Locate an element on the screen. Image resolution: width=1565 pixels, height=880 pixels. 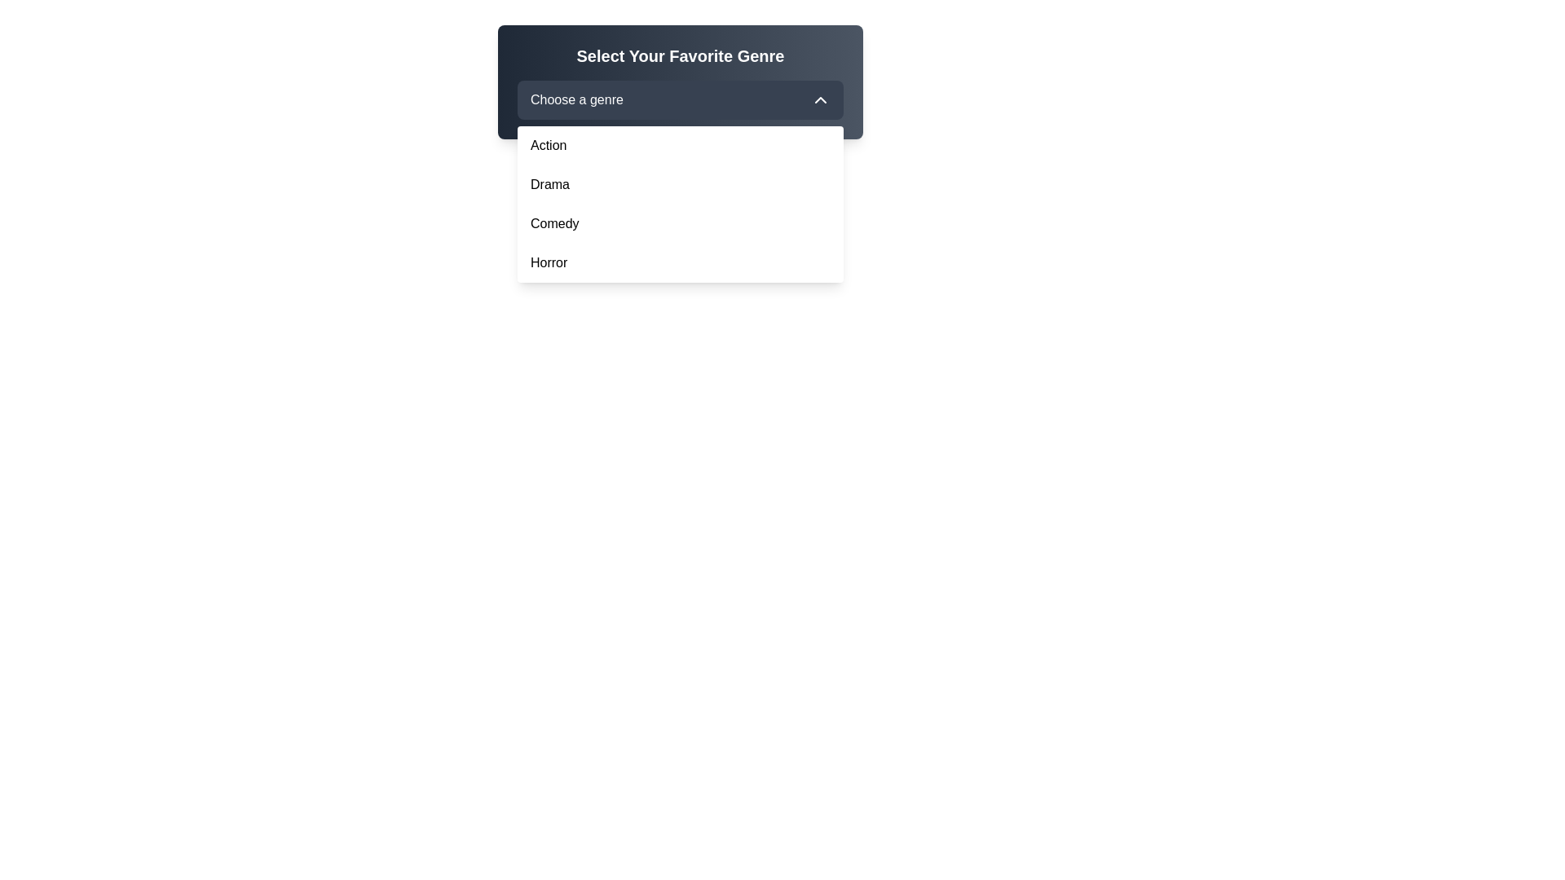
the 'Horror' item in the dropdown menu is located at coordinates (681, 262).